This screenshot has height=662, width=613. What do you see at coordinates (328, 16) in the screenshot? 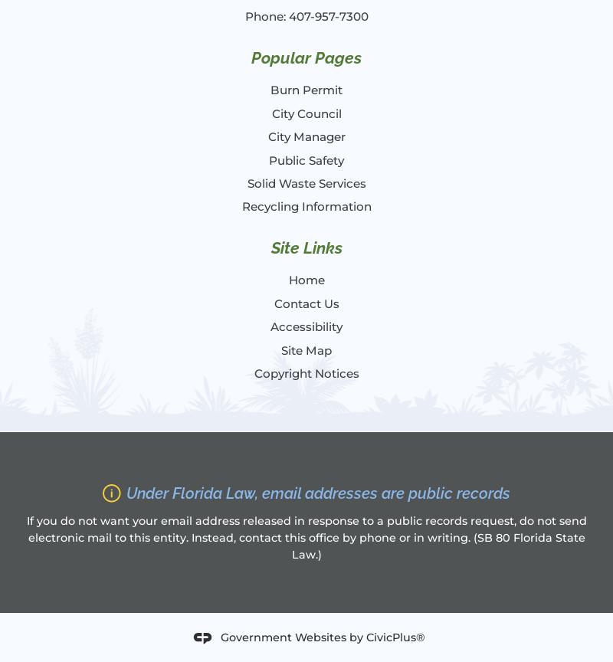
I see `'407-957-7300'` at bounding box center [328, 16].